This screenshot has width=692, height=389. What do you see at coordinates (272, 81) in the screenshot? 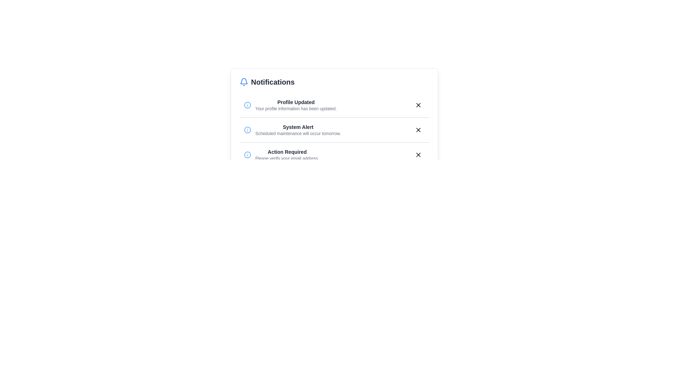
I see `the Text Label that serves as the title for the notifications section, located in the top-left portion of the notification panel, adjacent to the bell icon` at bounding box center [272, 81].